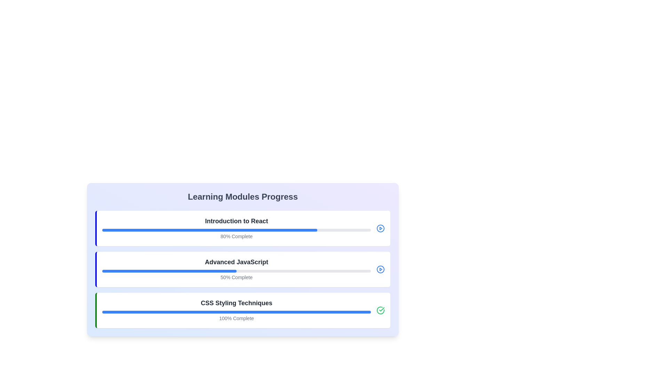 Image resolution: width=668 pixels, height=375 pixels. I want to click on the progress bar labeled 'Advanced JavaScript' with '50% Complete' displayed underneath, located in the second module card, so click(237, 269).